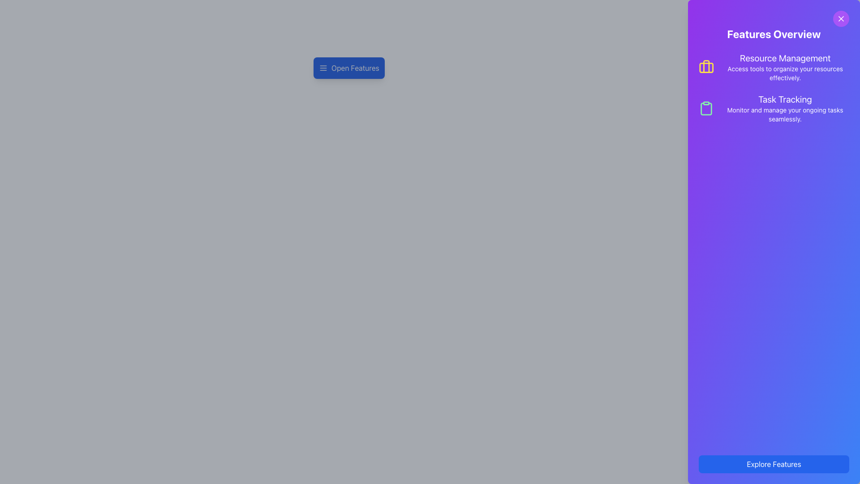 Image resolution: width=860 pixels, height=484 pixels. I want to click on the toggle button located in the top-left corner of the interface to trigger hover effects, so click(348, 67).